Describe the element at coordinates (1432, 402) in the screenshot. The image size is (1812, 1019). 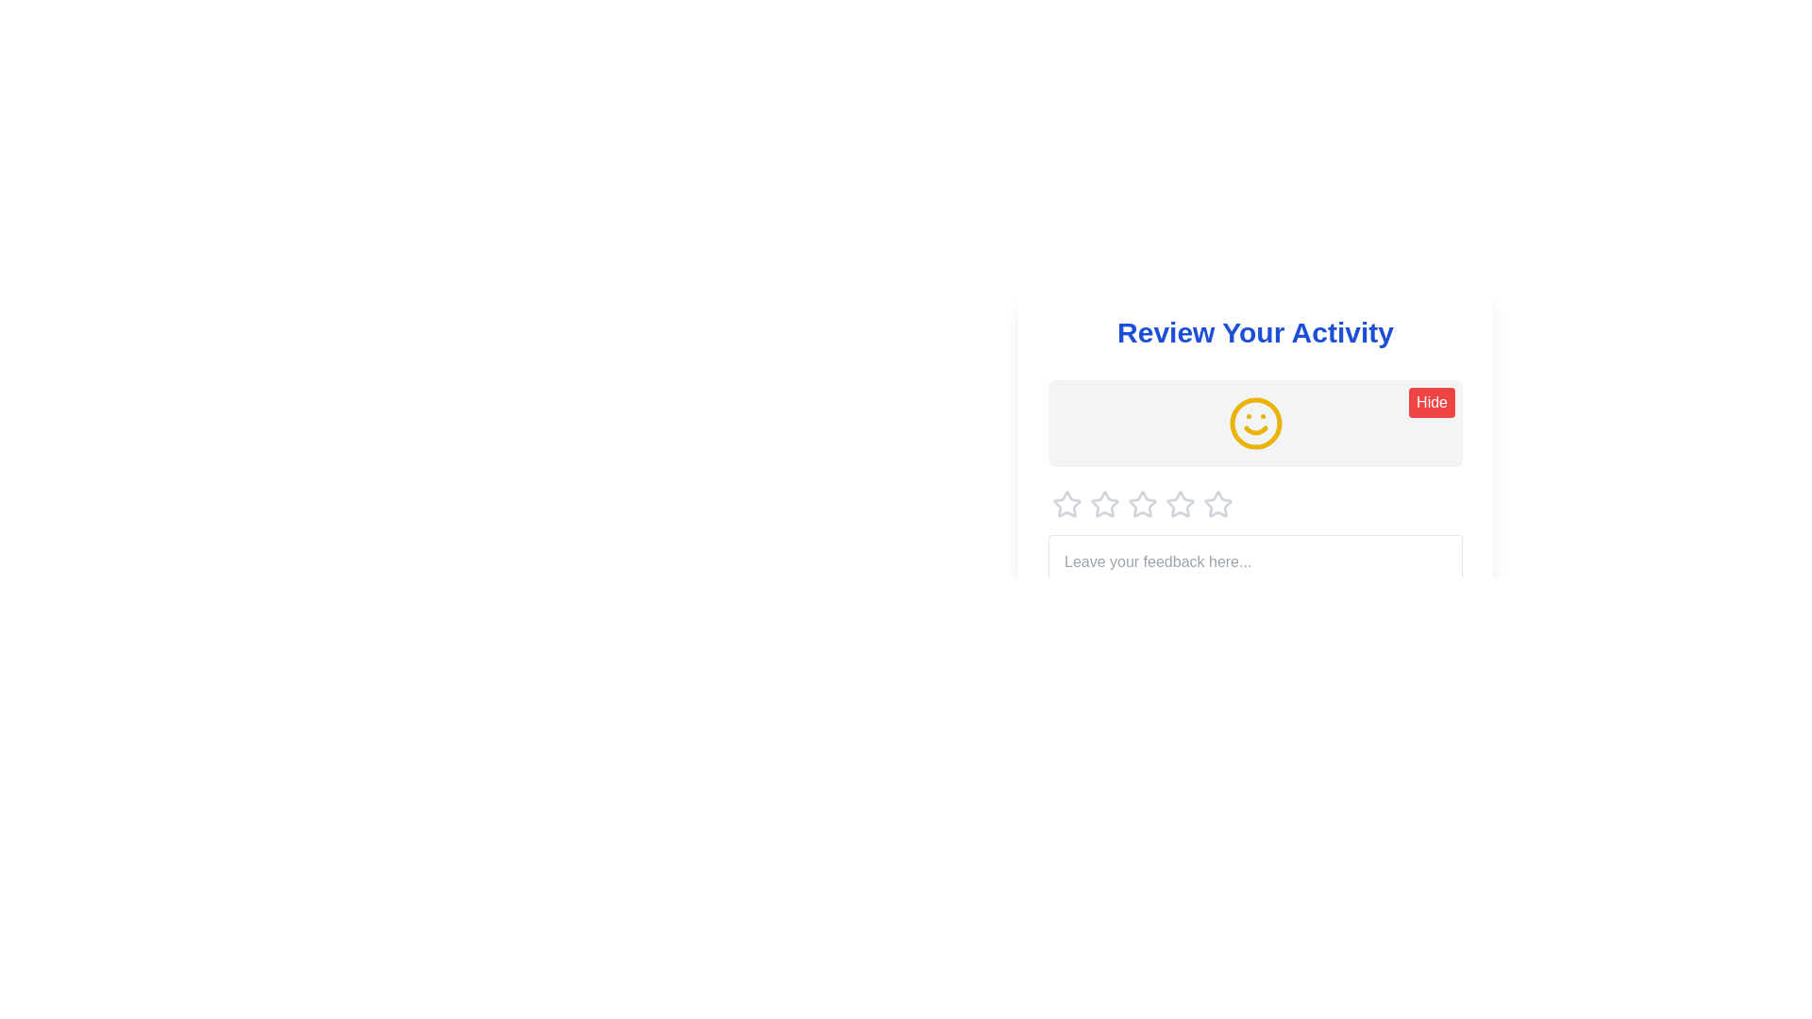
I see `'Hide' button to hide the smiley icon` at that location.